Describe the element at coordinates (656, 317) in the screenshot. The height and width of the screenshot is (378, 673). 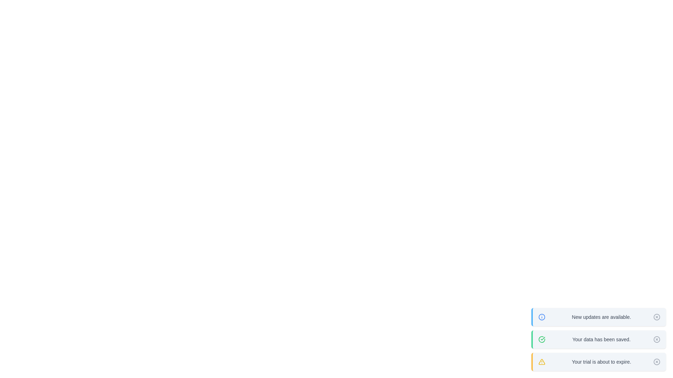
I see `the small circular gray button with a red hover effect and an 'X' icon in the top-right corner of the notification card` at that location.